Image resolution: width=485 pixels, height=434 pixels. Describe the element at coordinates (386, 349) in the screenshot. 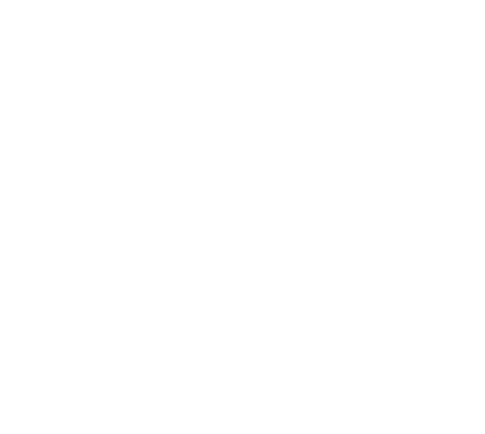

I see `'Peak Time Service Delivery Assurance'` at that location.